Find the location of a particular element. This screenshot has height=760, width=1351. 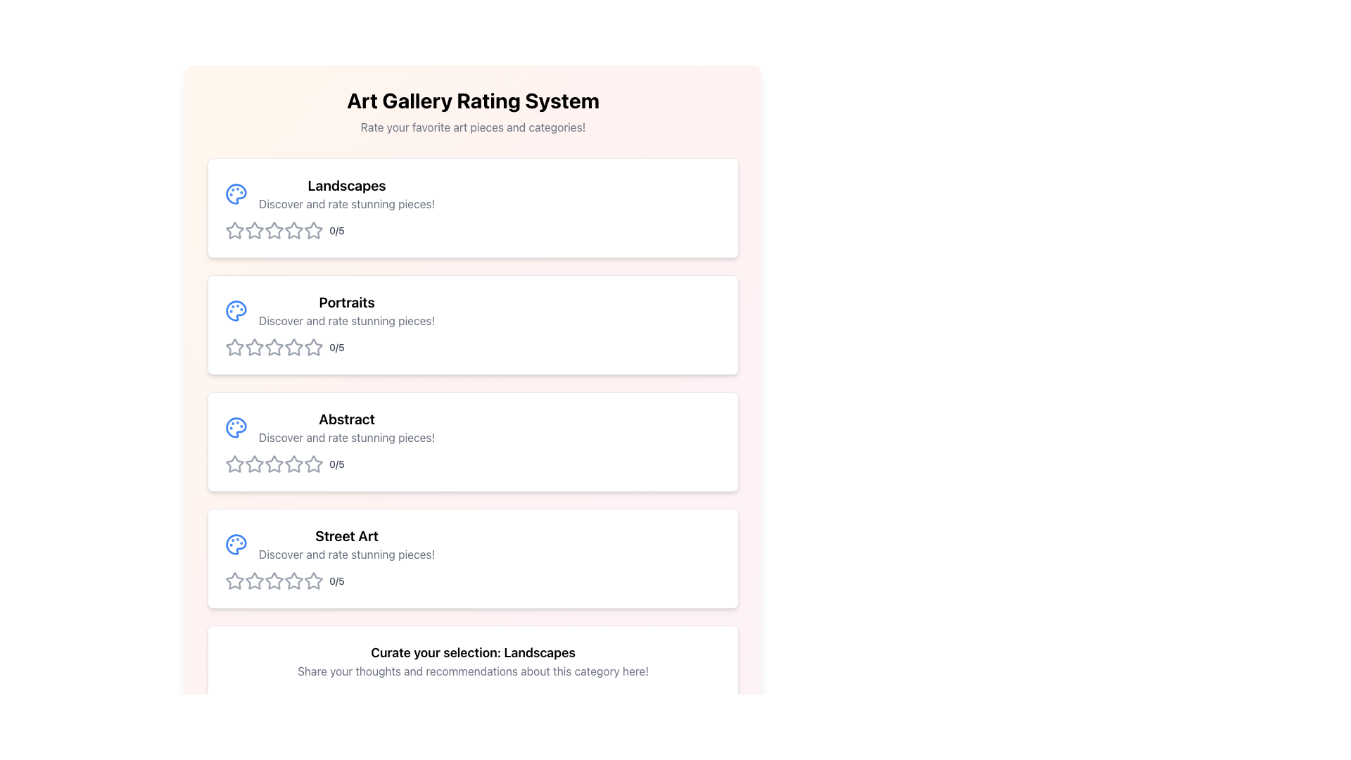

the informative element representing the category 'Street Art', located in the fourth card of the vertical list, positioned between the 'Abstract' card and the 'Curate your selection: Landscapes' section is located at coordinates (473, 544).